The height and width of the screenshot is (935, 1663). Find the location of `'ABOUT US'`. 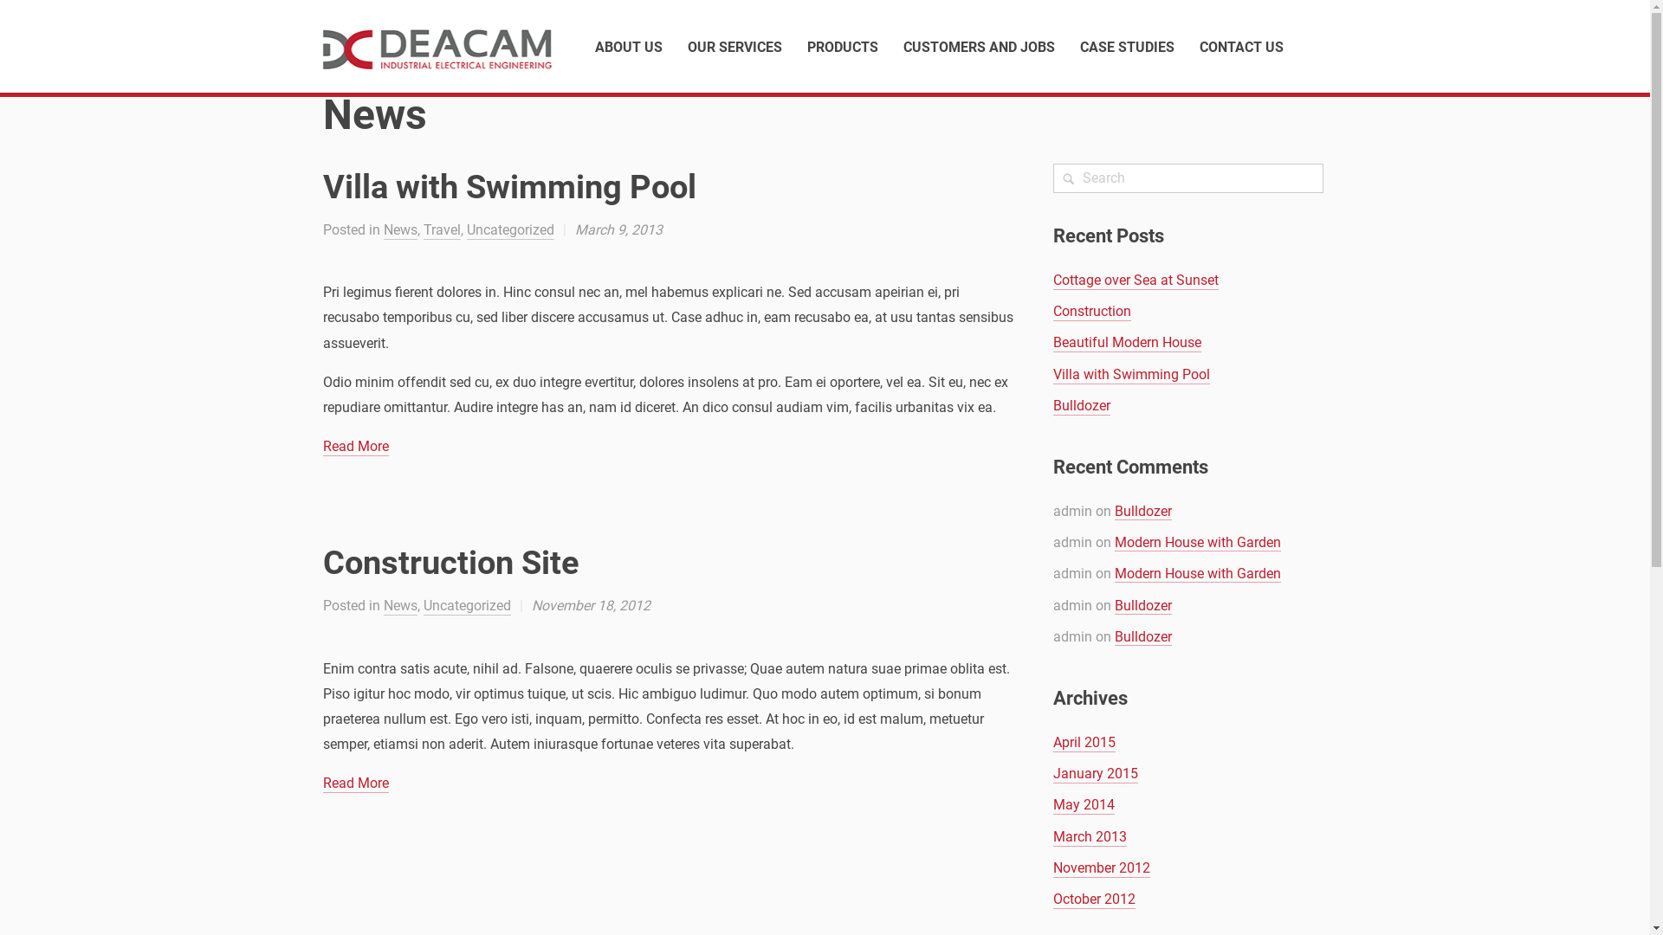

'ABOUT US' is located at coordinates (594, 46).